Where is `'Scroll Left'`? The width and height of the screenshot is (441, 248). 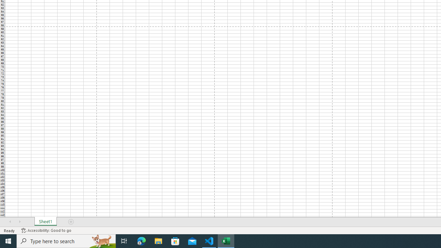
'Scroll Left' is located at coordinates (10, 222).